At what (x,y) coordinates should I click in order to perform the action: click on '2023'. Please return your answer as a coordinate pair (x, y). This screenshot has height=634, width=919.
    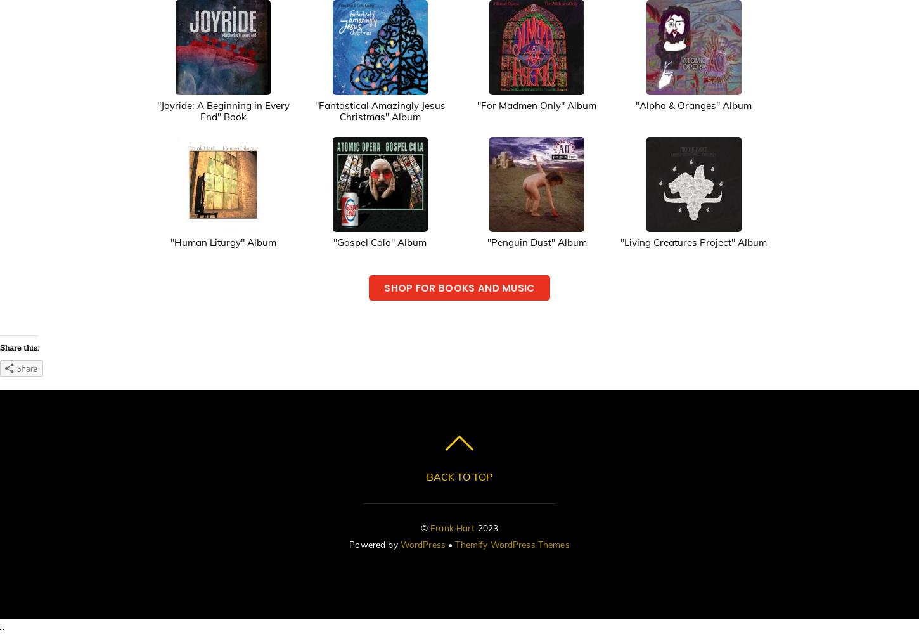
    Looking at the image, I should click on (486, 527).